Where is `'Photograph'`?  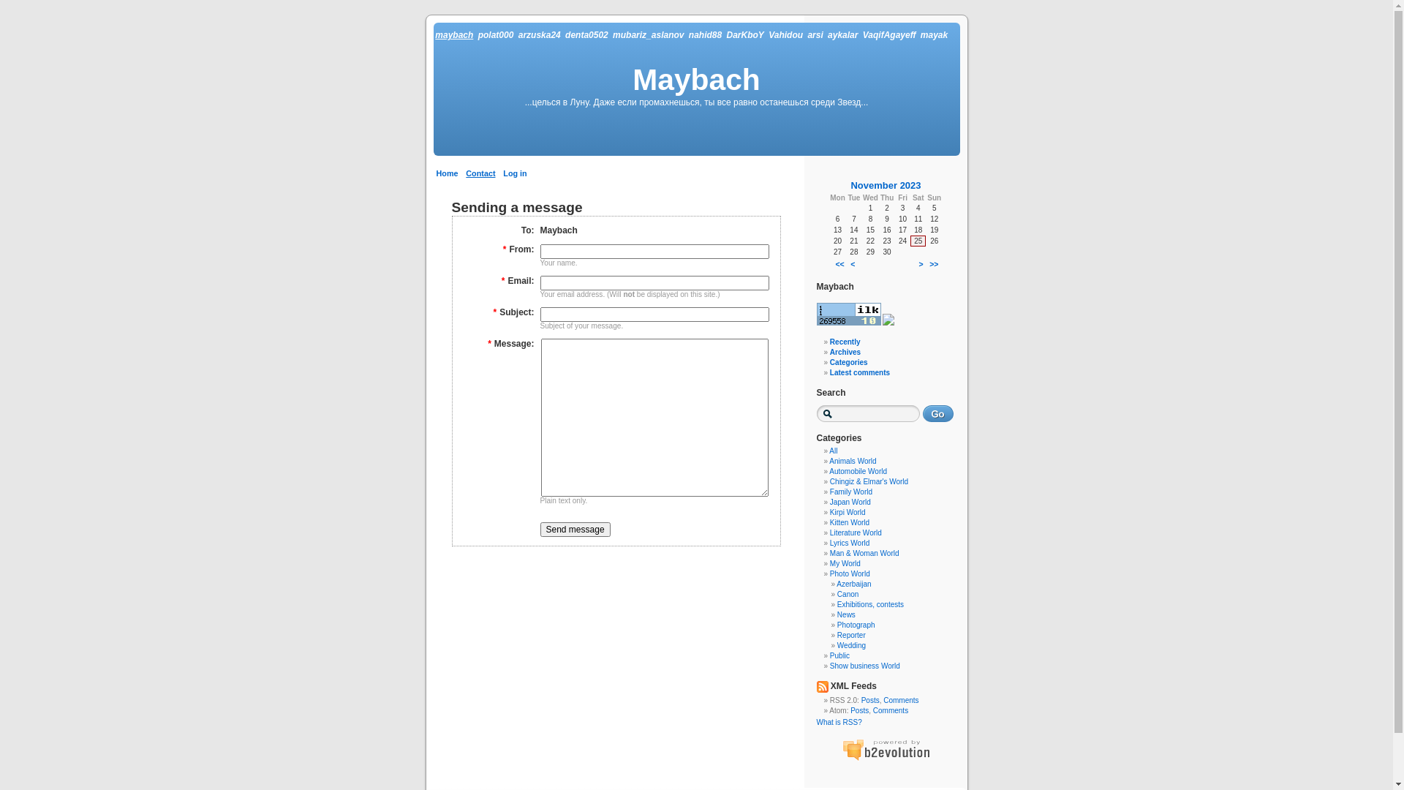 'Photograph' is located at coordinates (856, 625).